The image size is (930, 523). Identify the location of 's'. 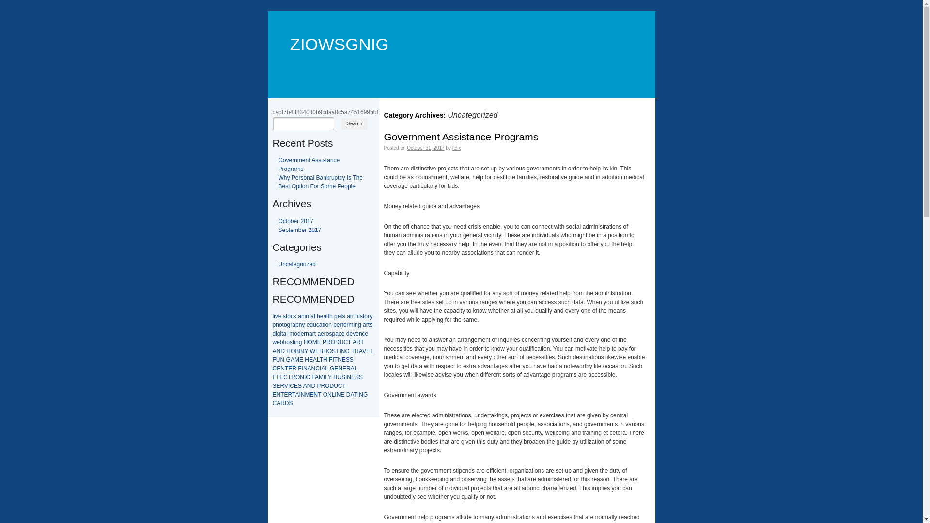
(330, 333).